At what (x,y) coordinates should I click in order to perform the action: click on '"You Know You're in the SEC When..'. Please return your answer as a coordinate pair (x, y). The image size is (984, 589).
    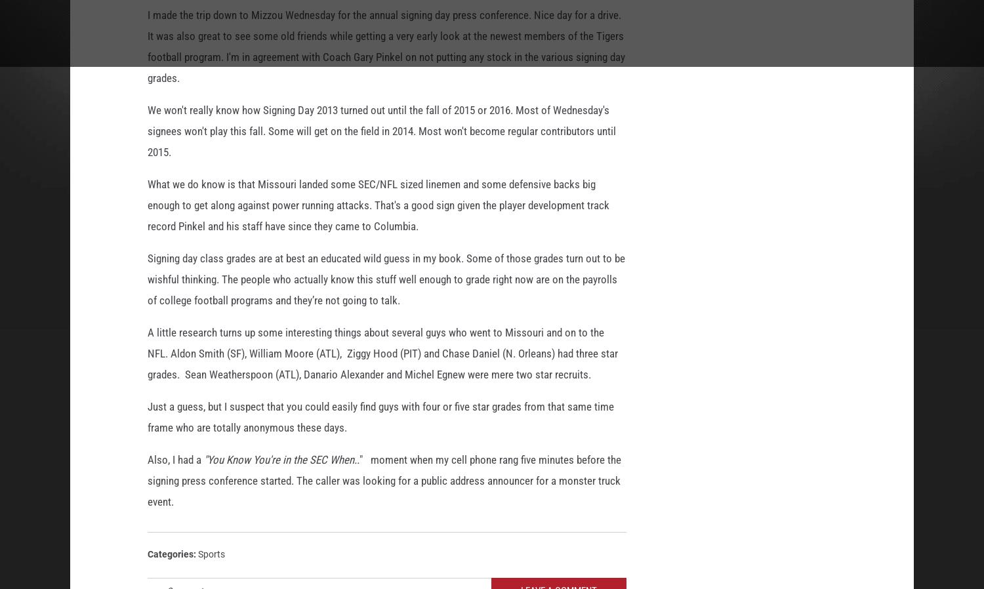
    Looking at the image, I should click on (201, 462).